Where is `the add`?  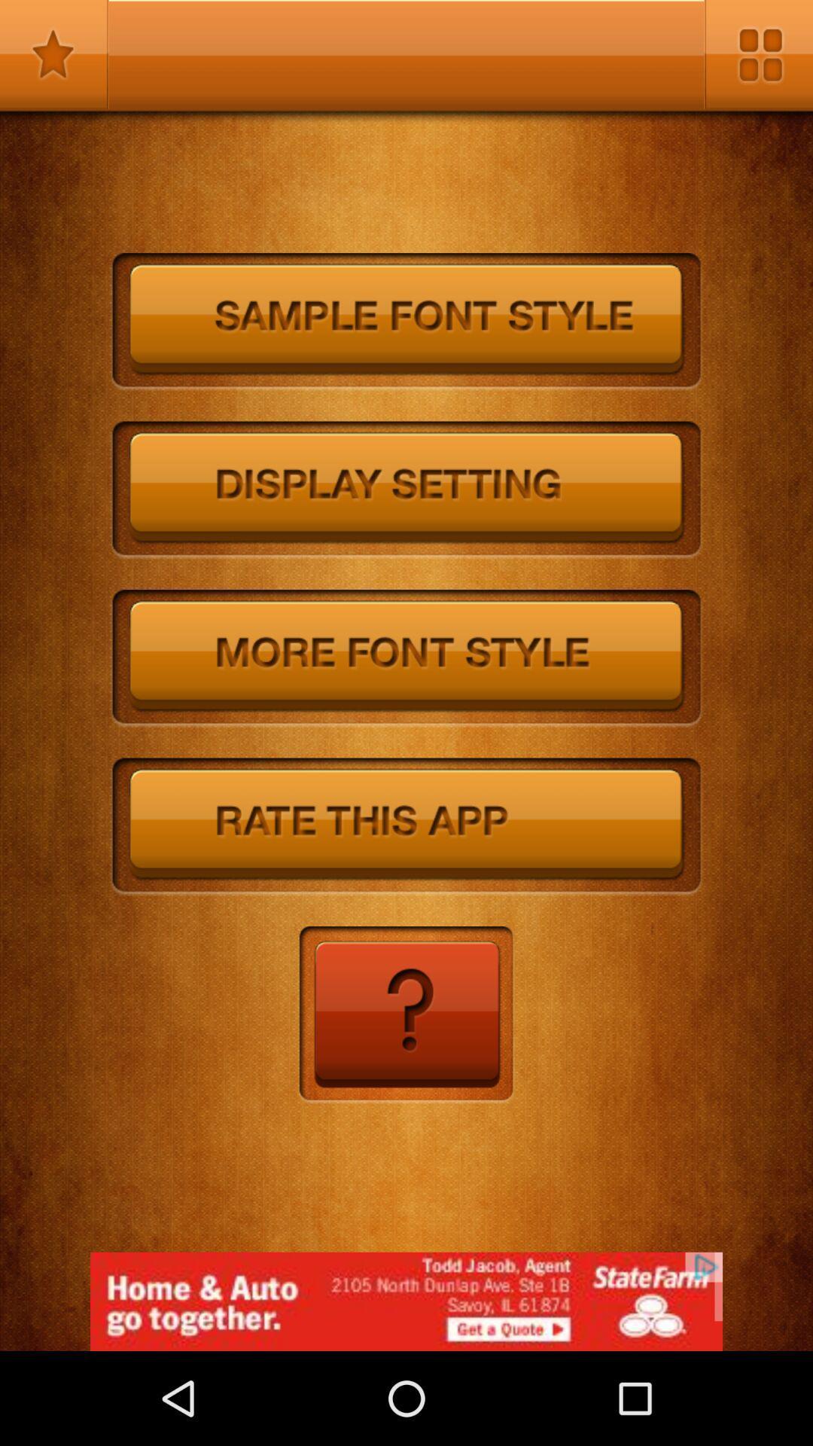 the add is located at coordinates (406, 1301).